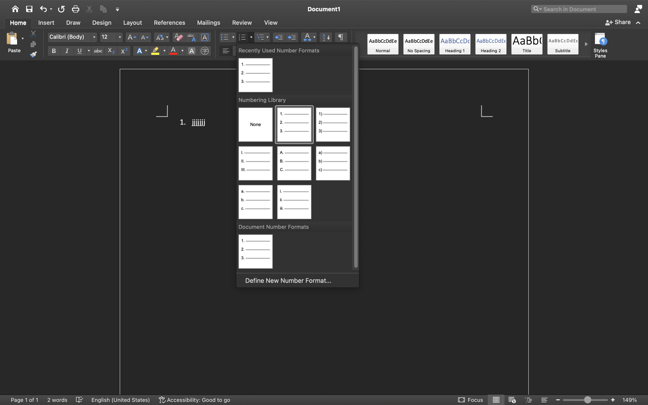  Describe the element at coordinates (111, 37) in the screenshot. I see `'12'` at that location.